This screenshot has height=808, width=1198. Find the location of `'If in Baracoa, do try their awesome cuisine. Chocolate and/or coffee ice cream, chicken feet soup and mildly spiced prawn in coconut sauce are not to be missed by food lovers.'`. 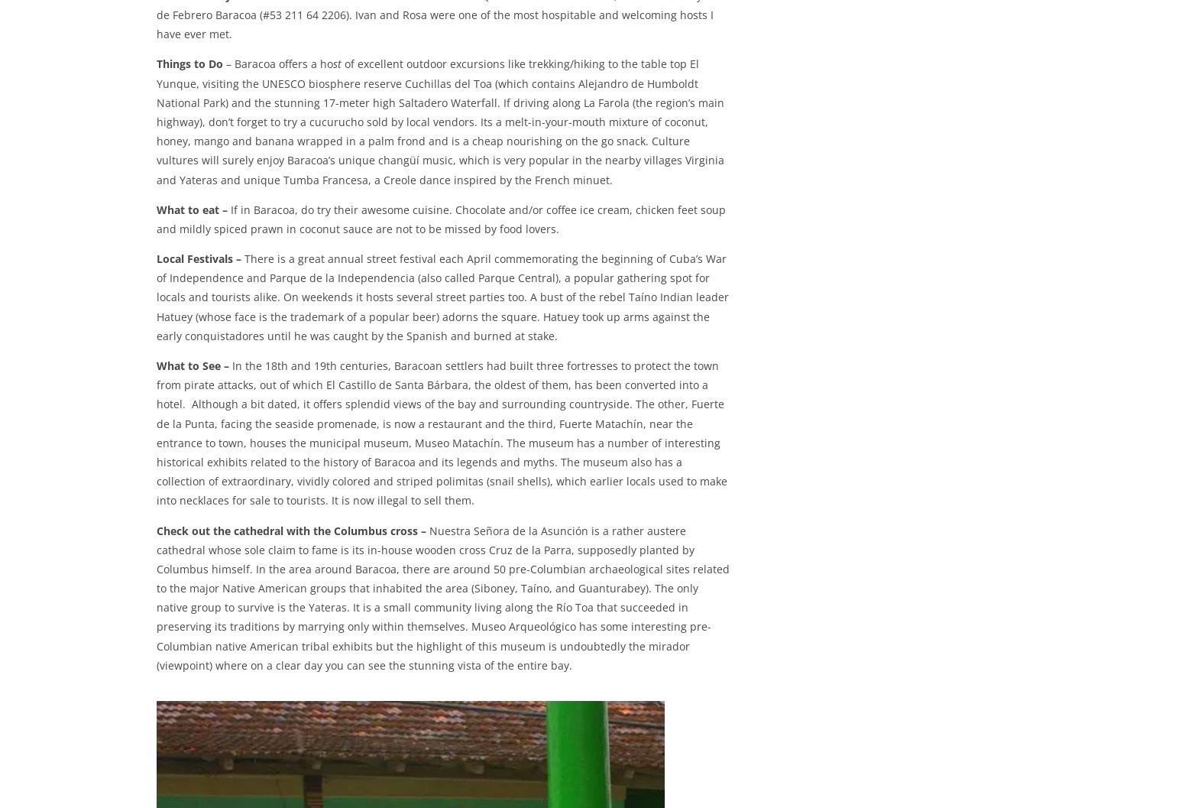

'If in Baracoa, do try their awesome cuisine. Chocolate and/or coffee ice cream, chicken feet soup and mildly spiced prawn in coconut sauce are not to be missed by food lovers.' is located at coordinates (441, 219).